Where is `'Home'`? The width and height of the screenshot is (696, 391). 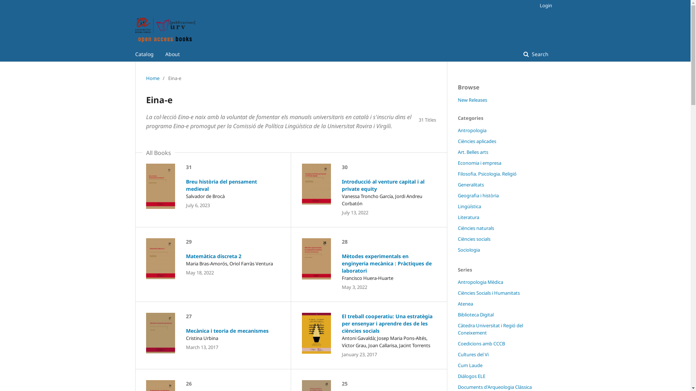 'Home' is located at coordinates (152, 78).